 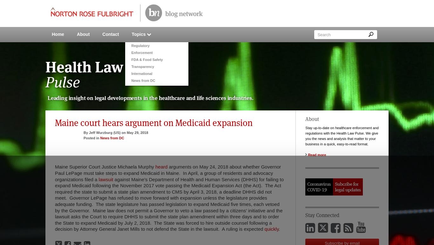 What do you see at coordinates (168, 173) in the screenshot?
I see `'arguments on May 24, 2018 about whether Governor Paul LePage must take steps to expand Medicaid in Maine.  In April, a group of residents and advocacy organizations filed a'` at bounding box center [168, 173].